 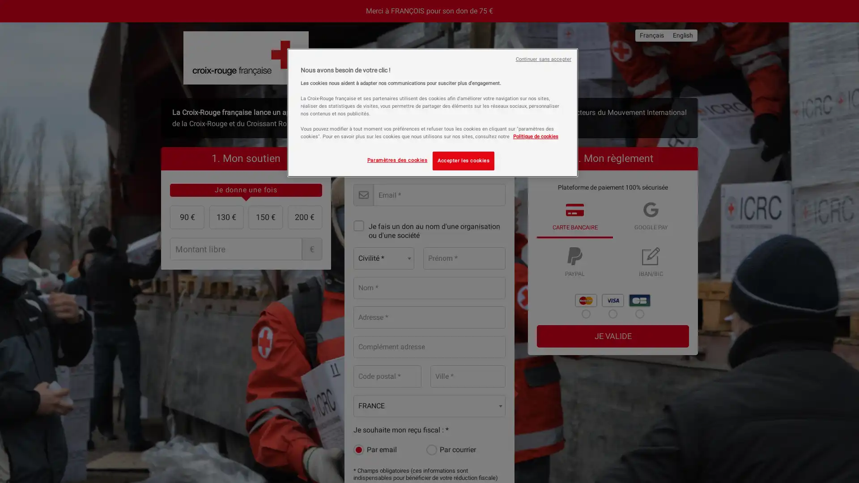 I want to click on Je valide, so click(x=612, y=336).